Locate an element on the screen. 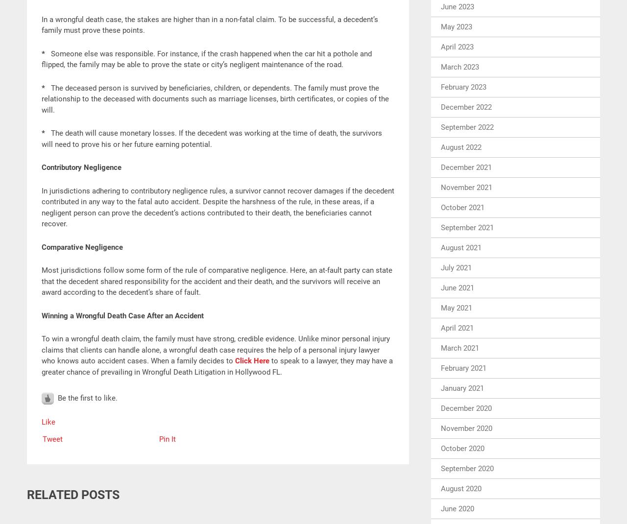 The image size is (627, 524). 'October 2021' is located at coordinates (462, 206).